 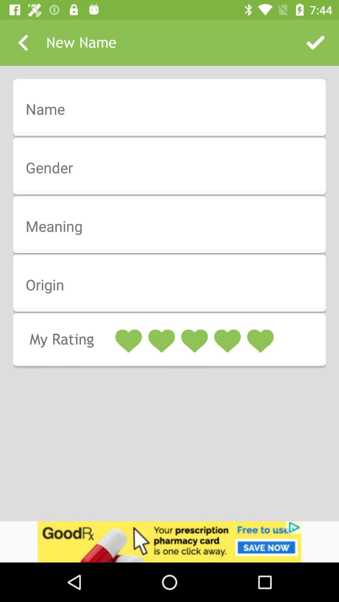 I want to click on demographics, so click(x=174, y=109).